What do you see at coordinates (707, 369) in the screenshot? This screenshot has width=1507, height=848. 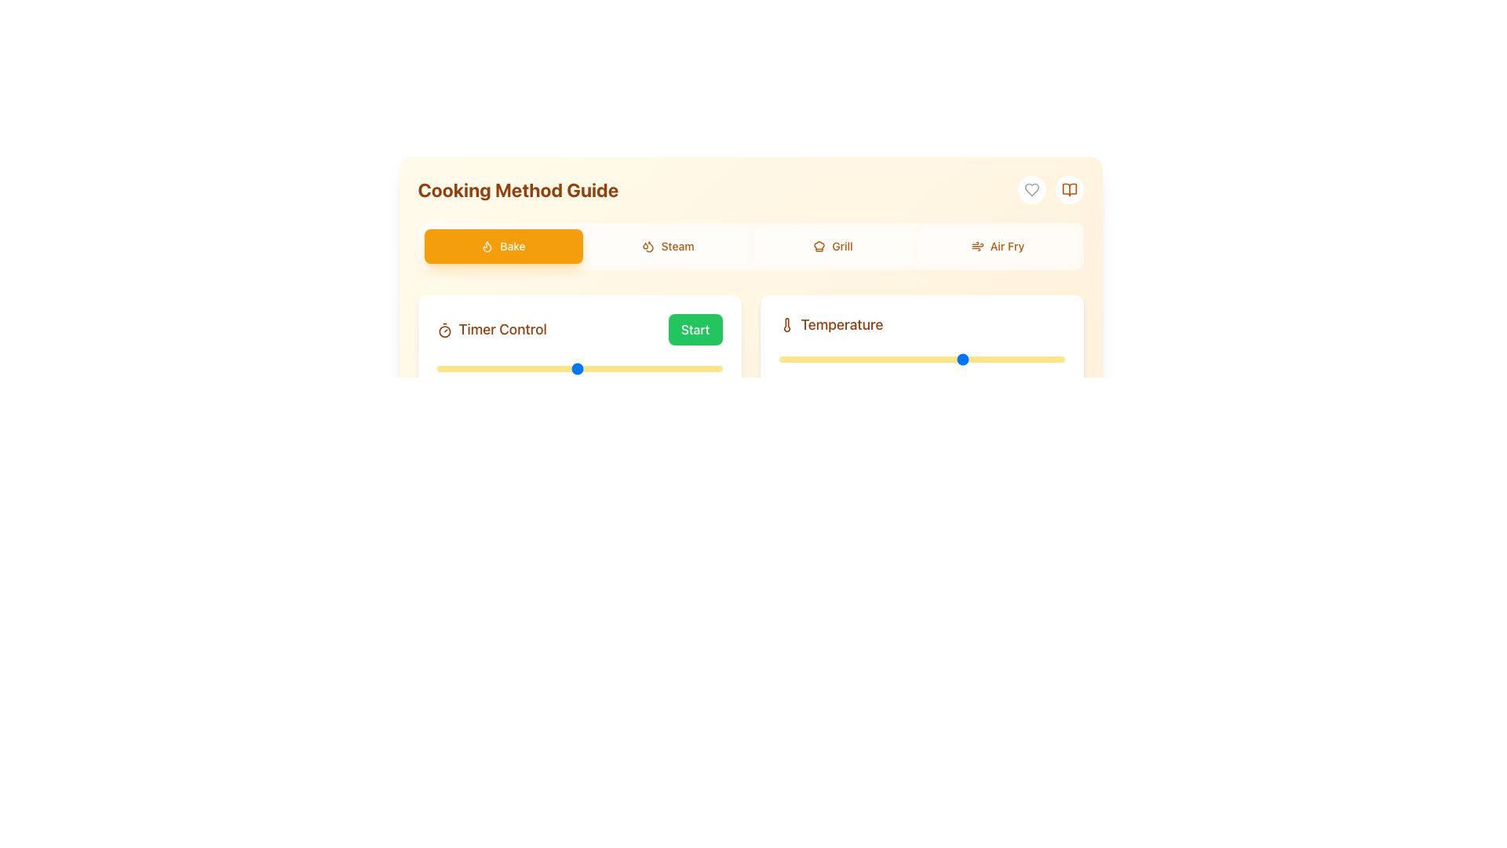 I see `timer` at bounding box center [707, 369].